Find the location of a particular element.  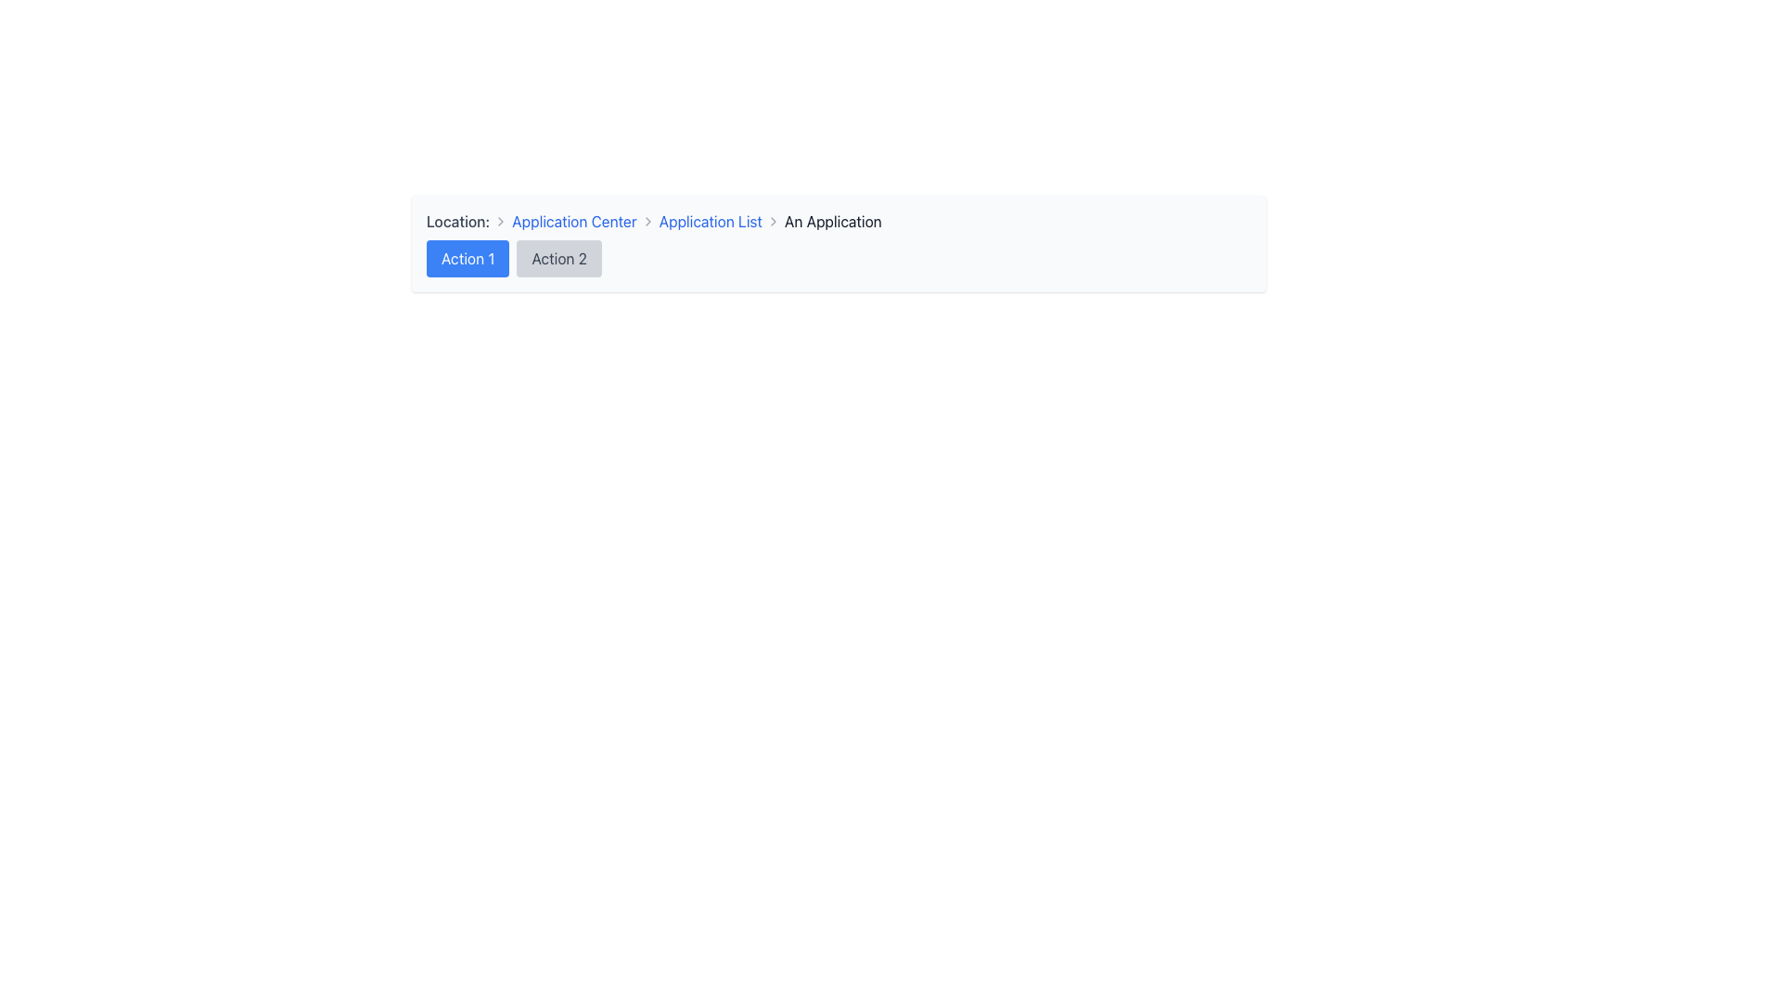

right-pointing gray chevron icon located between the 'Application Center' and 'Application List' links in the breadcrumb navigation is located at coordinates (647, 221).